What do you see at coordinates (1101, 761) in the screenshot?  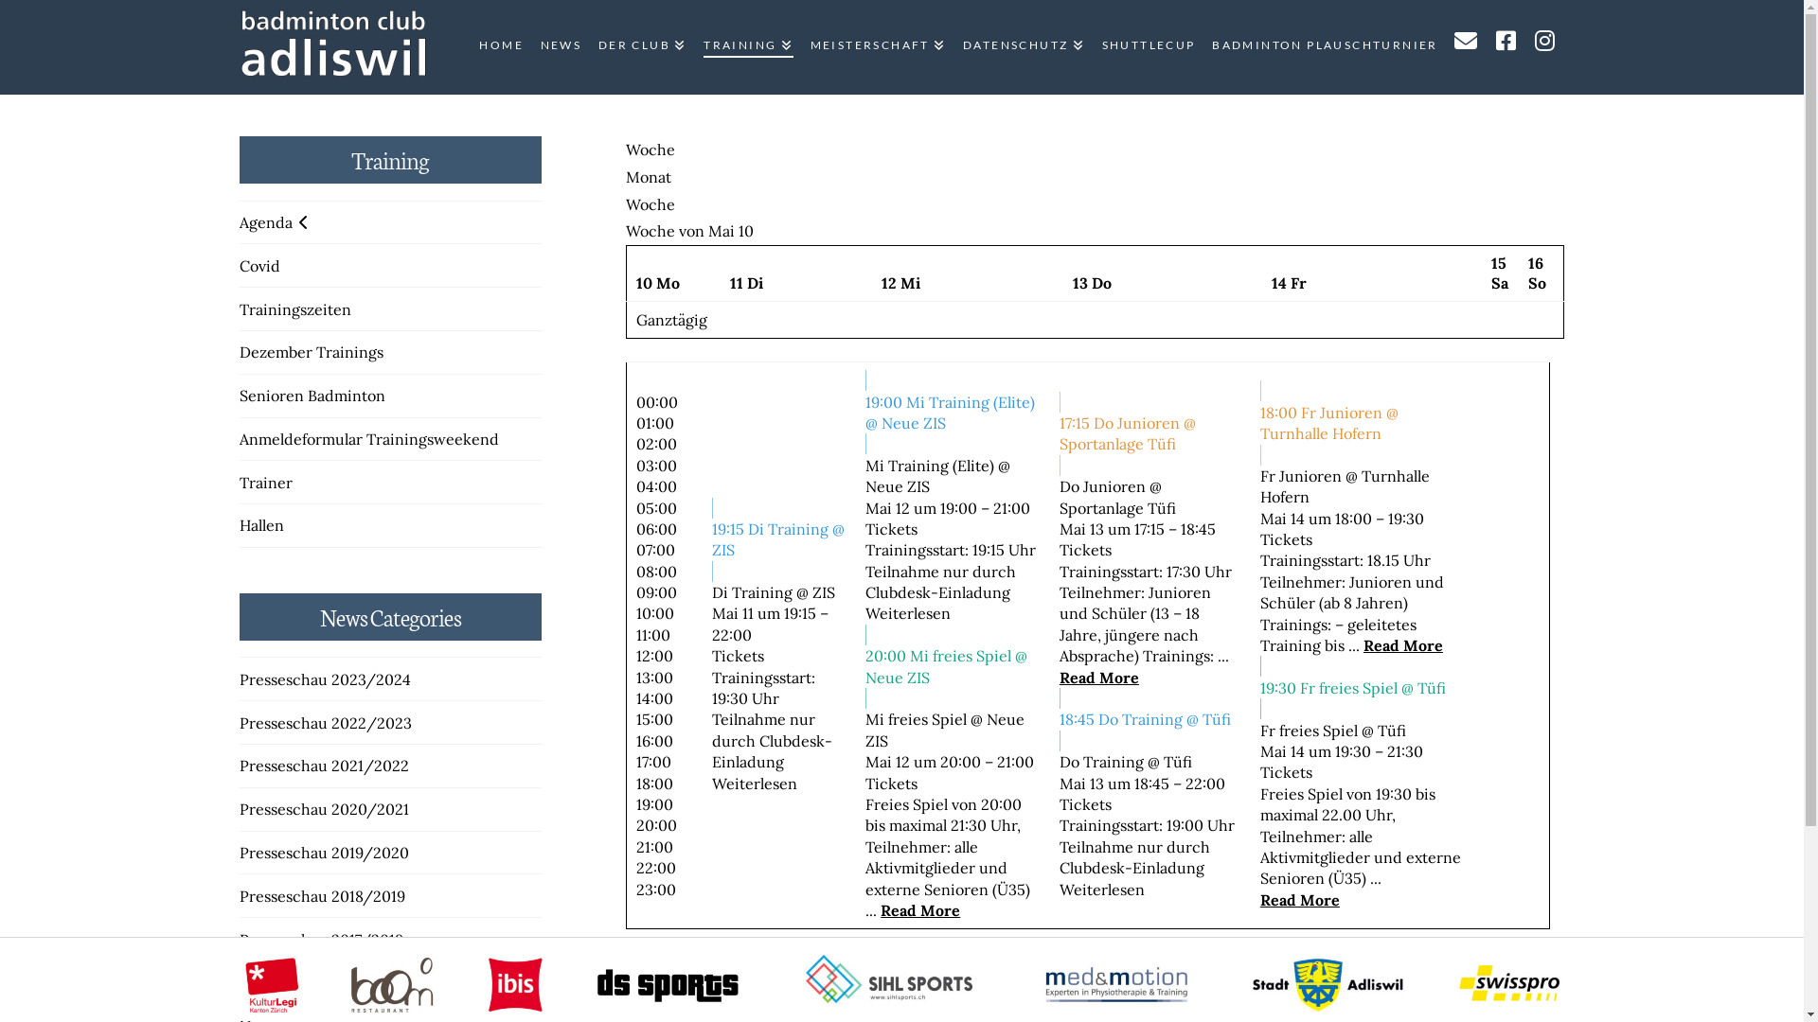 I see `'Do Training'` at bounding box center [1101, 761].